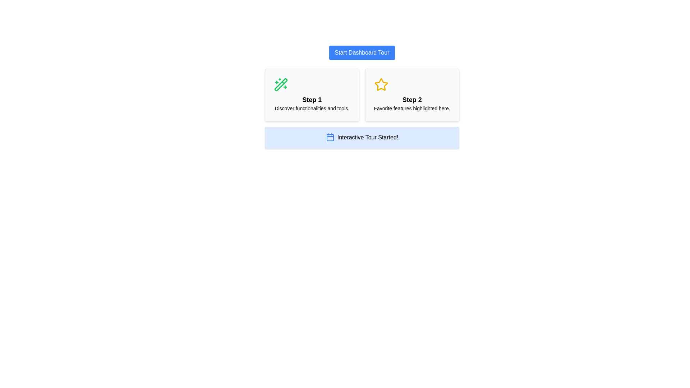 The width and height of the screenshot is (690, 388). Describe the element at coordinates (330, 137) in the screenshot. I see `the calendar icon, which is centered within a blue background and located above the text 'Interactive Tour Started!'` at that location.